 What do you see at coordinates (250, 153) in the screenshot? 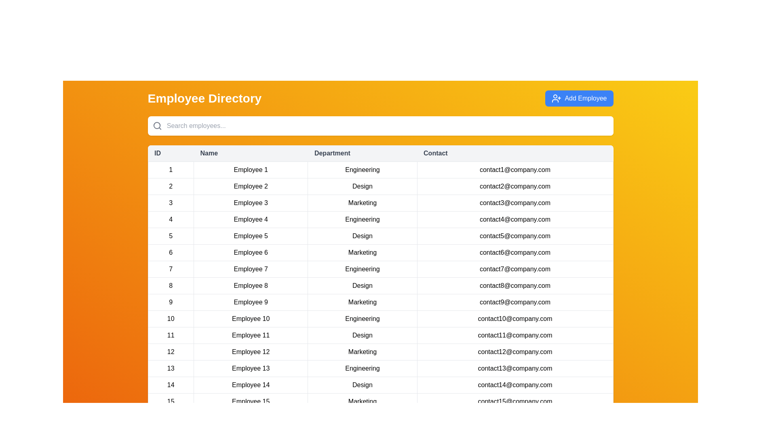
I see `the column header Name to sort the table by that column` at bounding box center [250, 153].